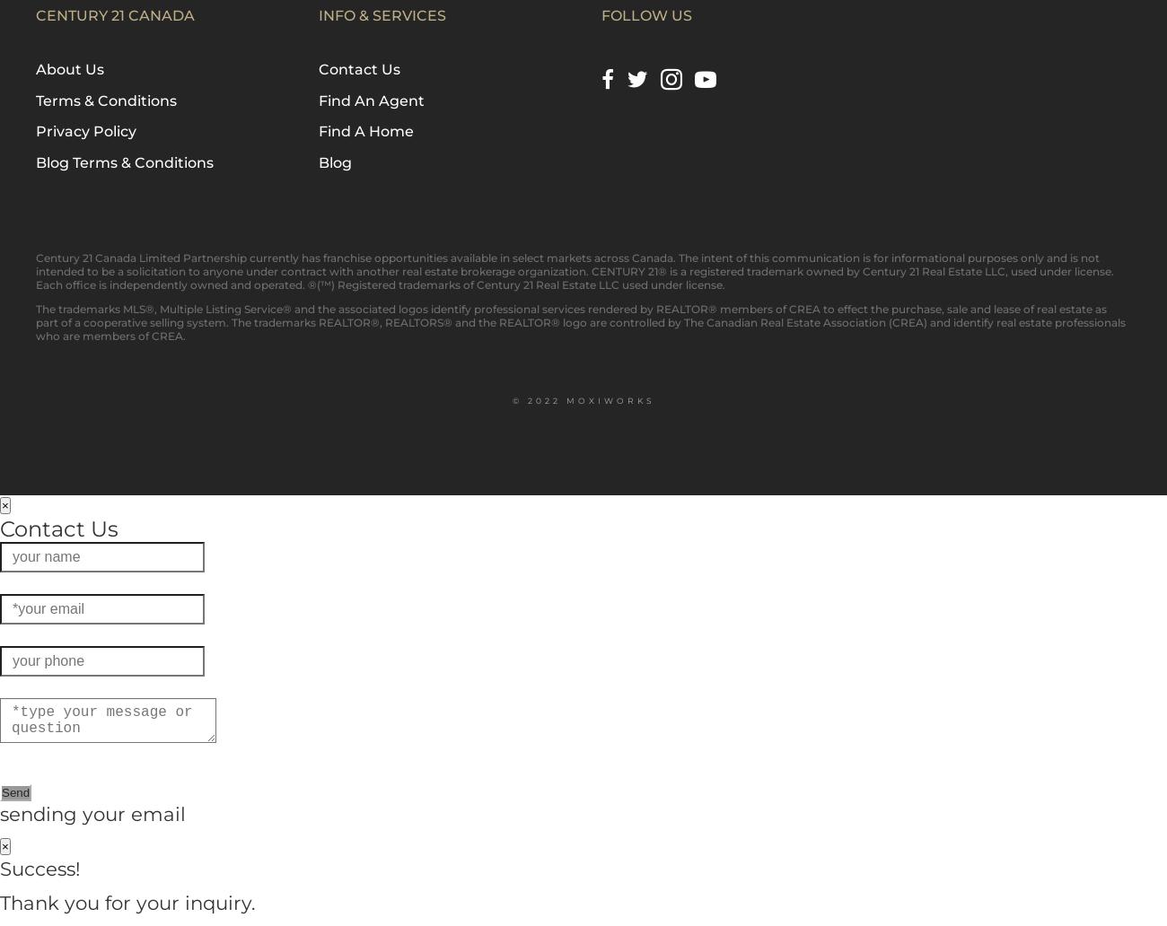  I want to click on 'Thank you for your inquiry.', so click(127, 900).